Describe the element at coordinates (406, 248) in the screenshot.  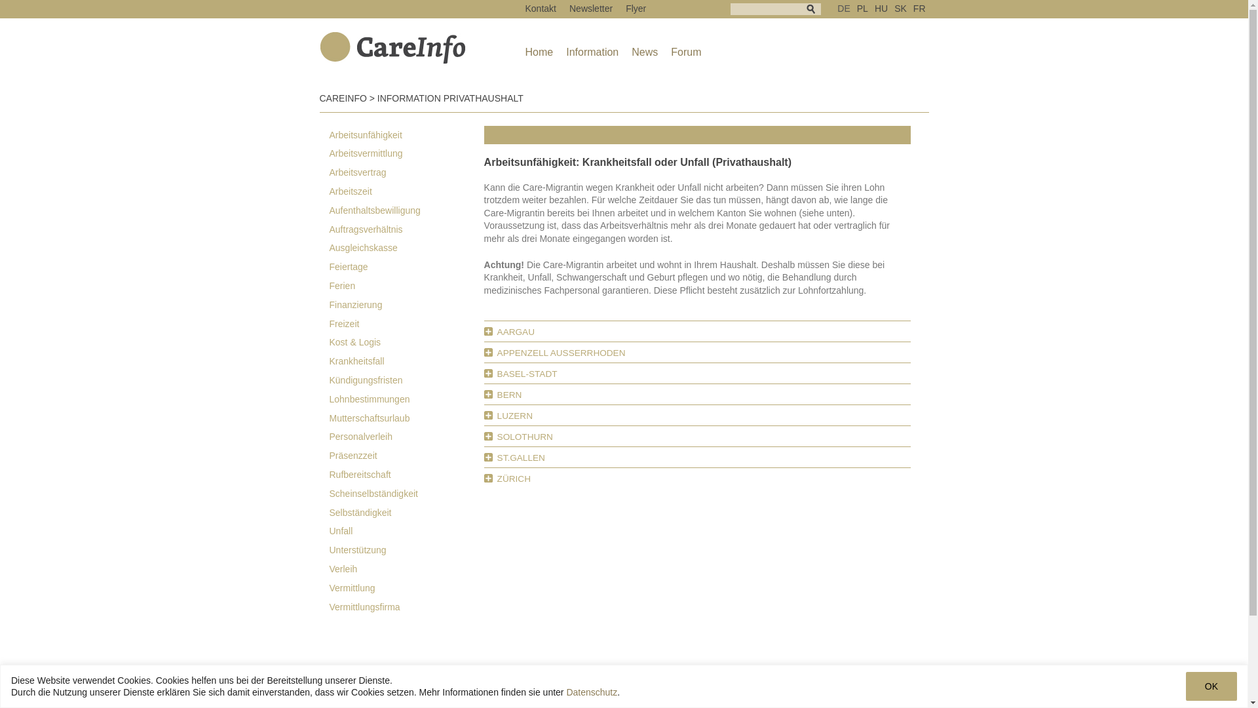
I see `'Ausgleichskasse'` at that location.